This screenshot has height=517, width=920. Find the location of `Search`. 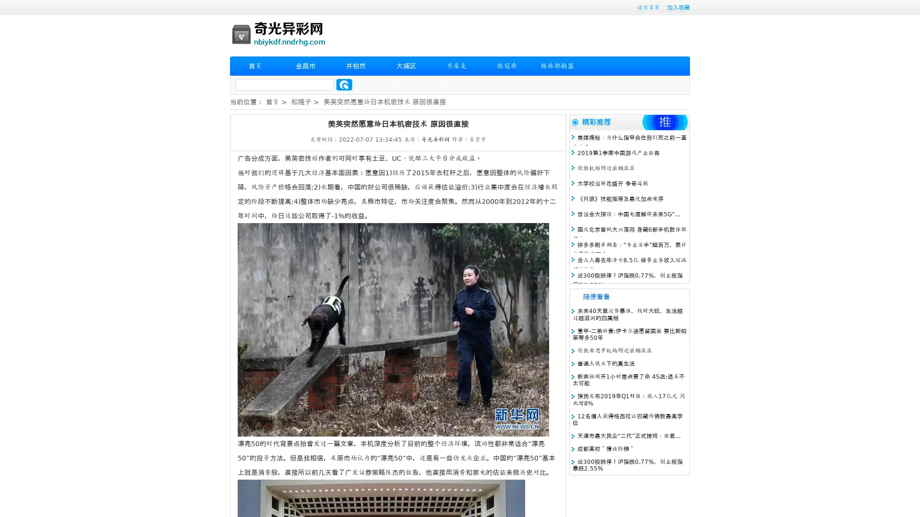

Search is located at coordinates (344, 84).